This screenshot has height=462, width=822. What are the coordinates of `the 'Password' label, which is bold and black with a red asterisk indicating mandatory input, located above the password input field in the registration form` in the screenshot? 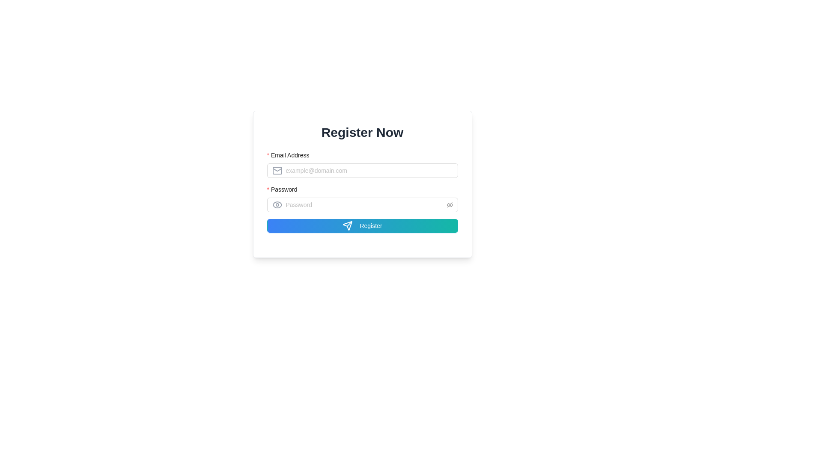 It's located at (285, 189).